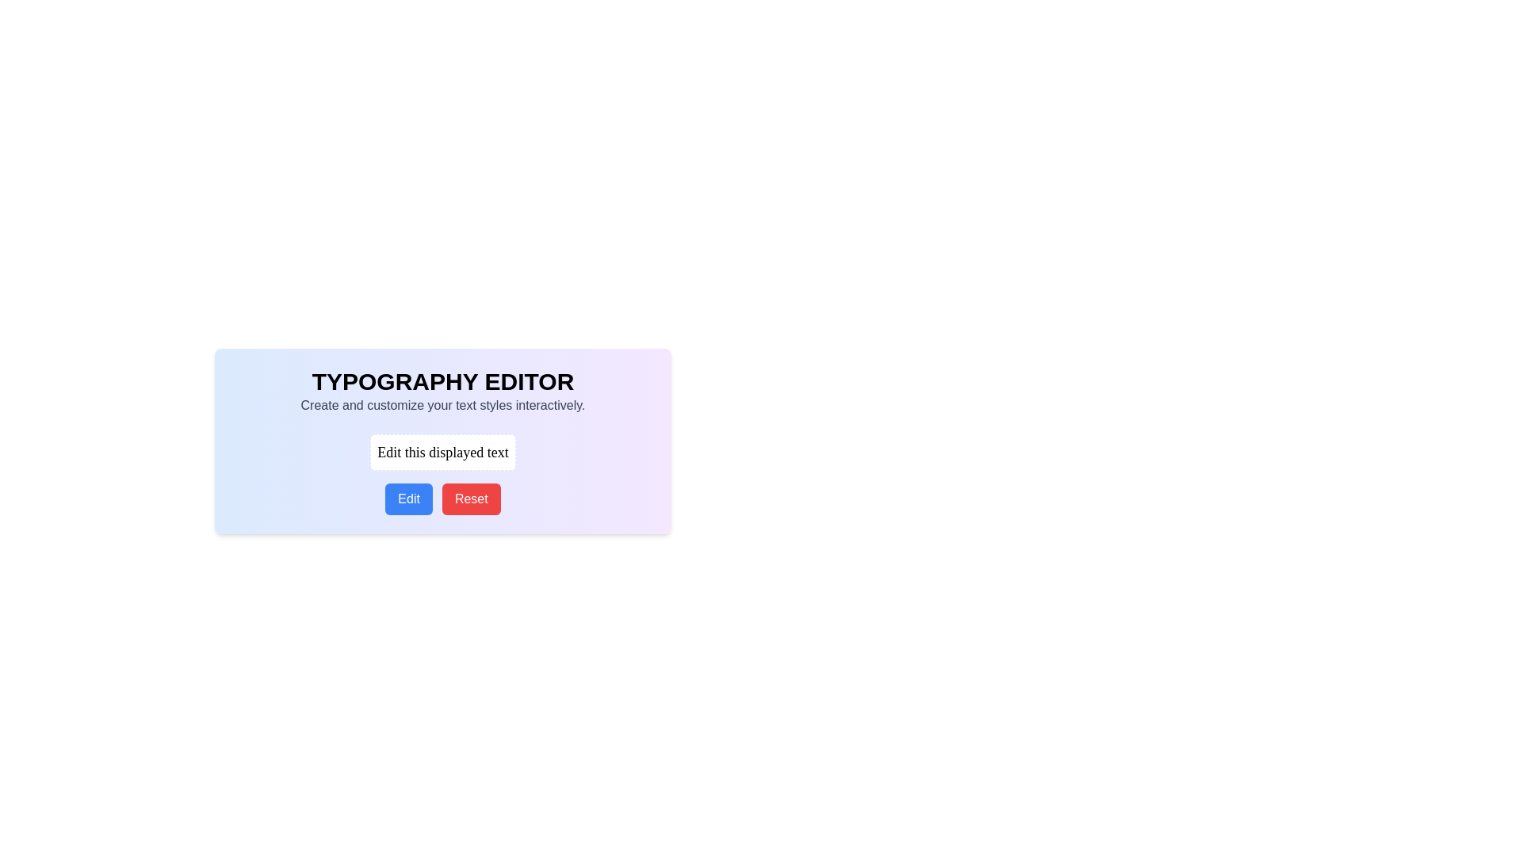 Image resolution: width=1522 pixels, height=856 pixels. I want to click on the header and subtitle element which provides the title and description for editing typography styles, if it contains a link, so click(442, 391).